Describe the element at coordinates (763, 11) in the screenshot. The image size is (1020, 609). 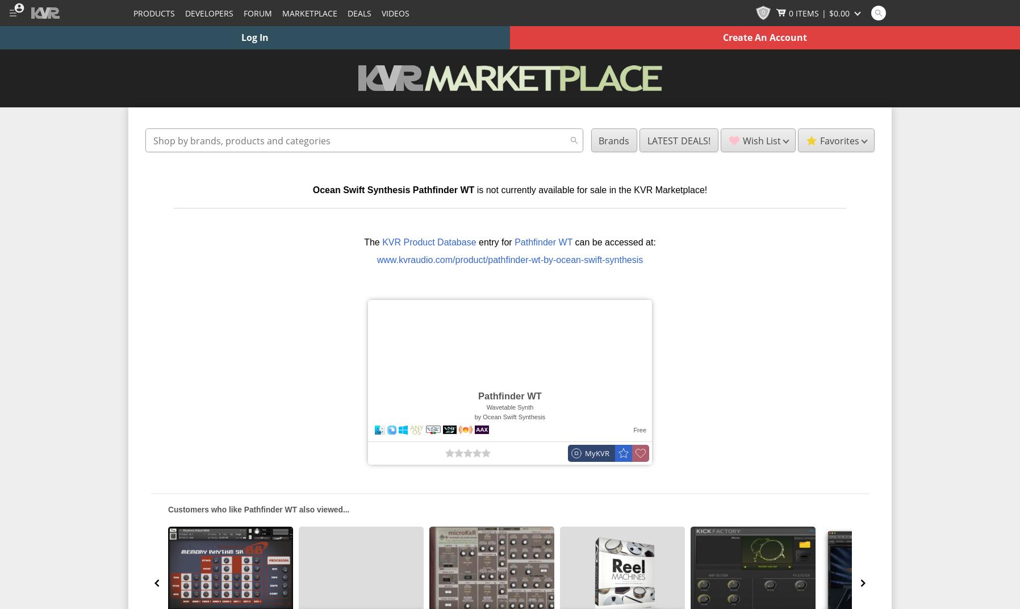
I see `'0'` at that location.